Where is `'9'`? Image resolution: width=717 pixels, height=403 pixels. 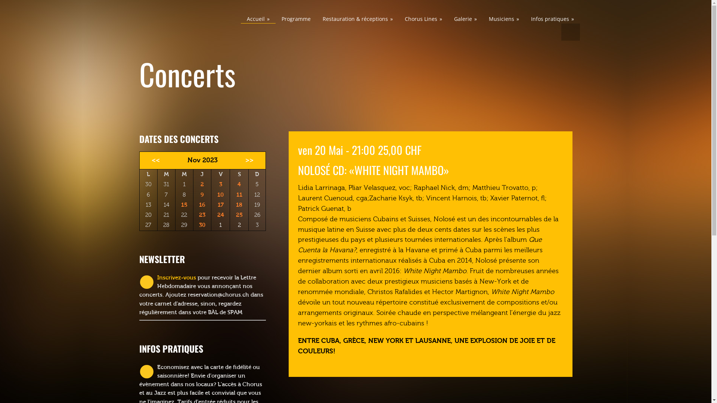 '9' is located at coordinates (201, 194).